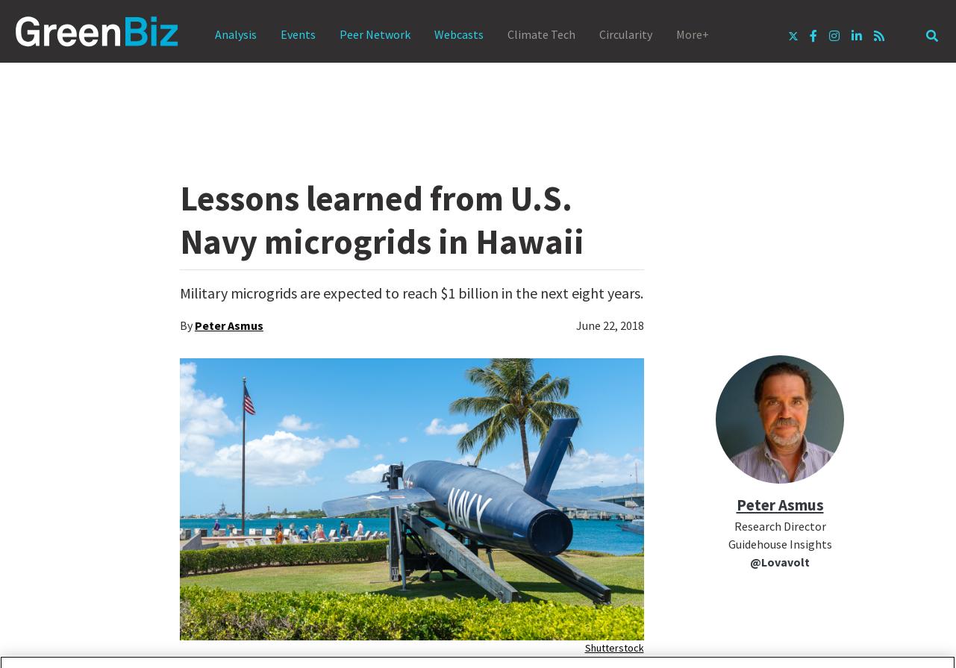 The height and width of the screenshot is (668, 956). I want to click on '@Lovavolt', so click(779, 561).